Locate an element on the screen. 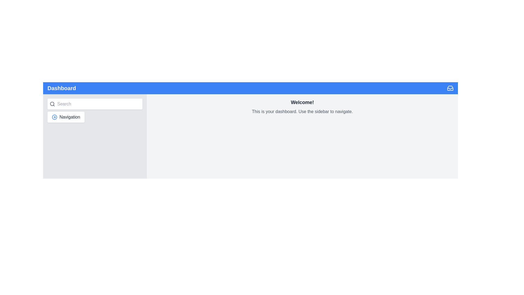  the welcoming message static text element located at the top-center of the dashboard interface is located at coordinates (302, 102).